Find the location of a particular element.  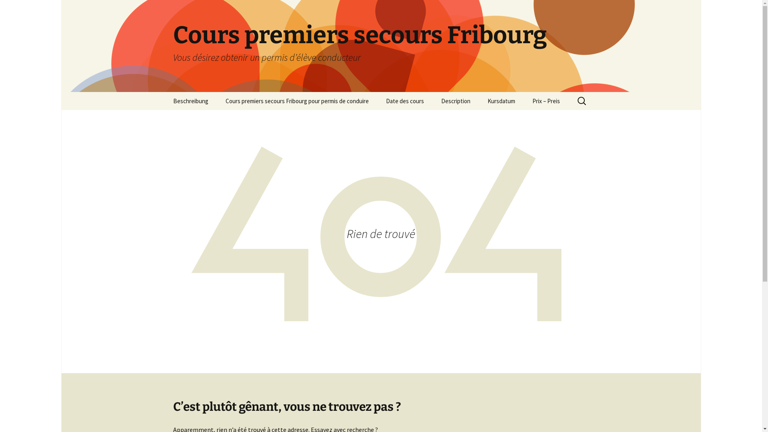

'Cours premiers secours Fribourg pour permis de conduire' is located at coordinates (297, 100).